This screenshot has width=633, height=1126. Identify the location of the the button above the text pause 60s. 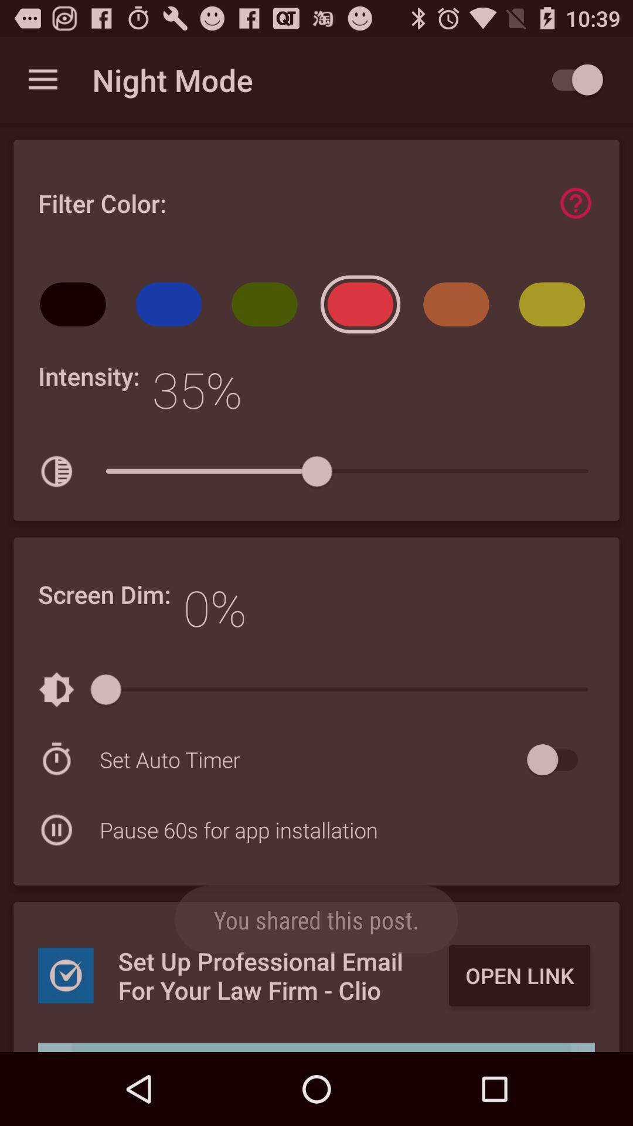
(309, 759).